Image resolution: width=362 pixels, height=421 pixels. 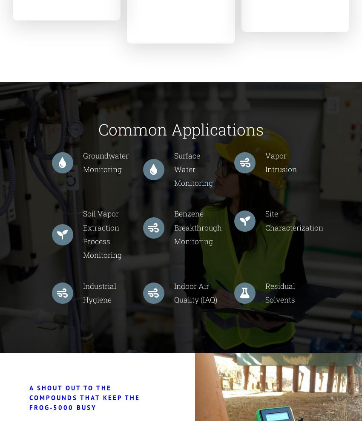 I want to click on 'Common Applications', so click(x=98, y=128).